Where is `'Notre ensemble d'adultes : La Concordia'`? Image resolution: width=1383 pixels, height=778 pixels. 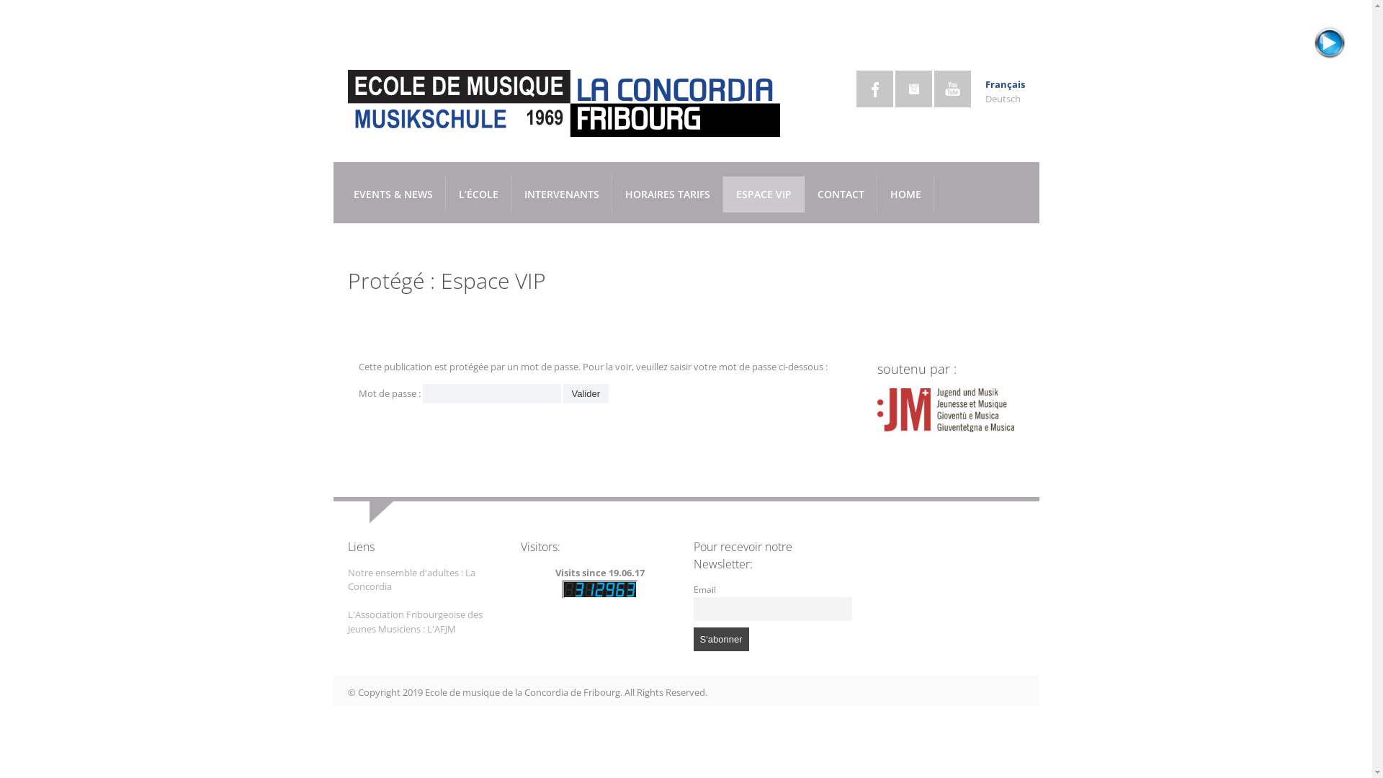 'Notre ensemble d'adultes : La Concordia' is located at coordinates (410, 579).